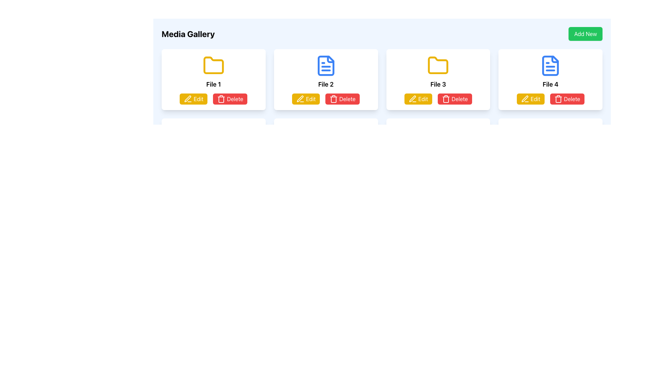  What do you see at coordinates (330, 59) in the screenshot?
I see `the top-left corner of the blue document icon within the second file entry labeled 'File 2'` at bounding box center [330, 59].